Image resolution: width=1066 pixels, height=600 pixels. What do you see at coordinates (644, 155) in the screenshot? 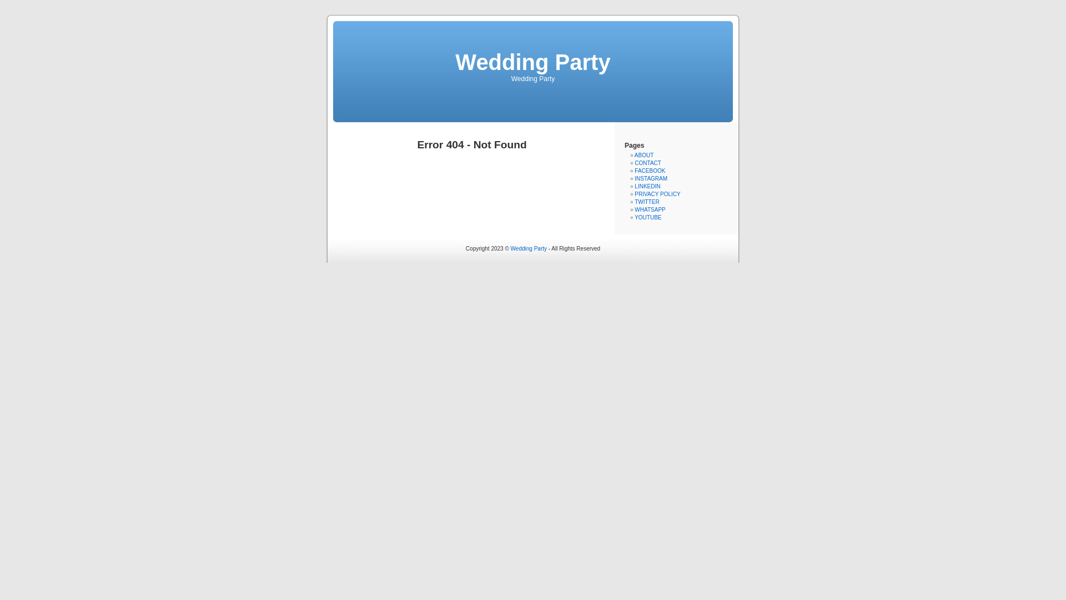
I see `'ABOUT'` at bounding box center [644, 155].